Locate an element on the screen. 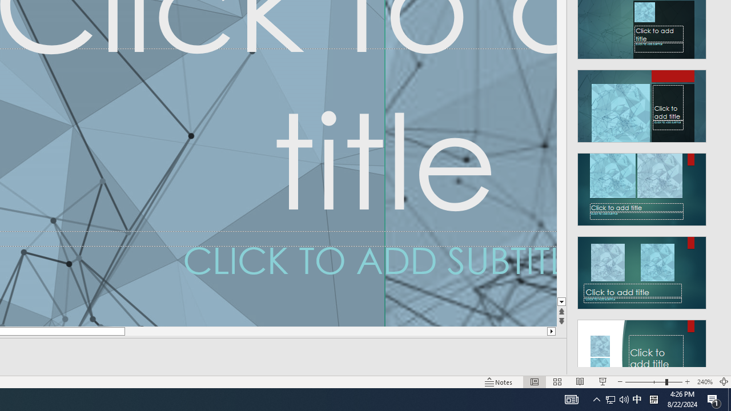 The image size is (731, 411). 'Reading View' is located at coordinates (580, 382).